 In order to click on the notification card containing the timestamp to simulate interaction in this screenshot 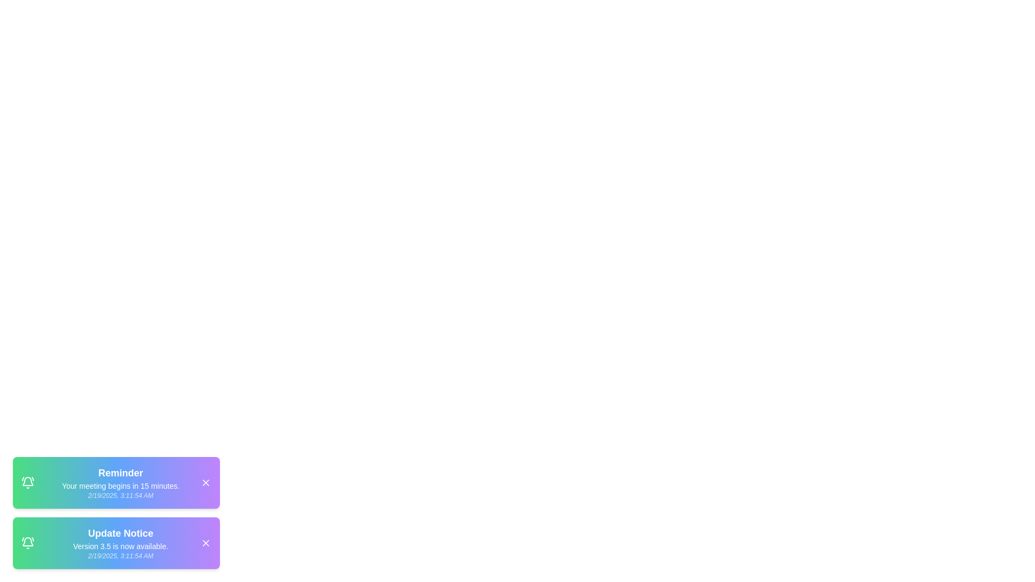, I will do `click(116, 482)`.